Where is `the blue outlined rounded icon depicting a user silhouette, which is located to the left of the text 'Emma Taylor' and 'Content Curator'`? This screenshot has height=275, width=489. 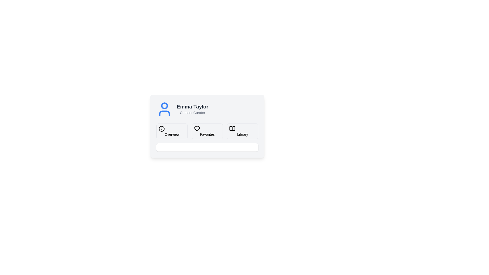
the blue outlined rounded icon depicting a user silhouette, which is located to the left of the text 'Emma Taylor' and 'Content Curator' is located at coordinates (165, 109).